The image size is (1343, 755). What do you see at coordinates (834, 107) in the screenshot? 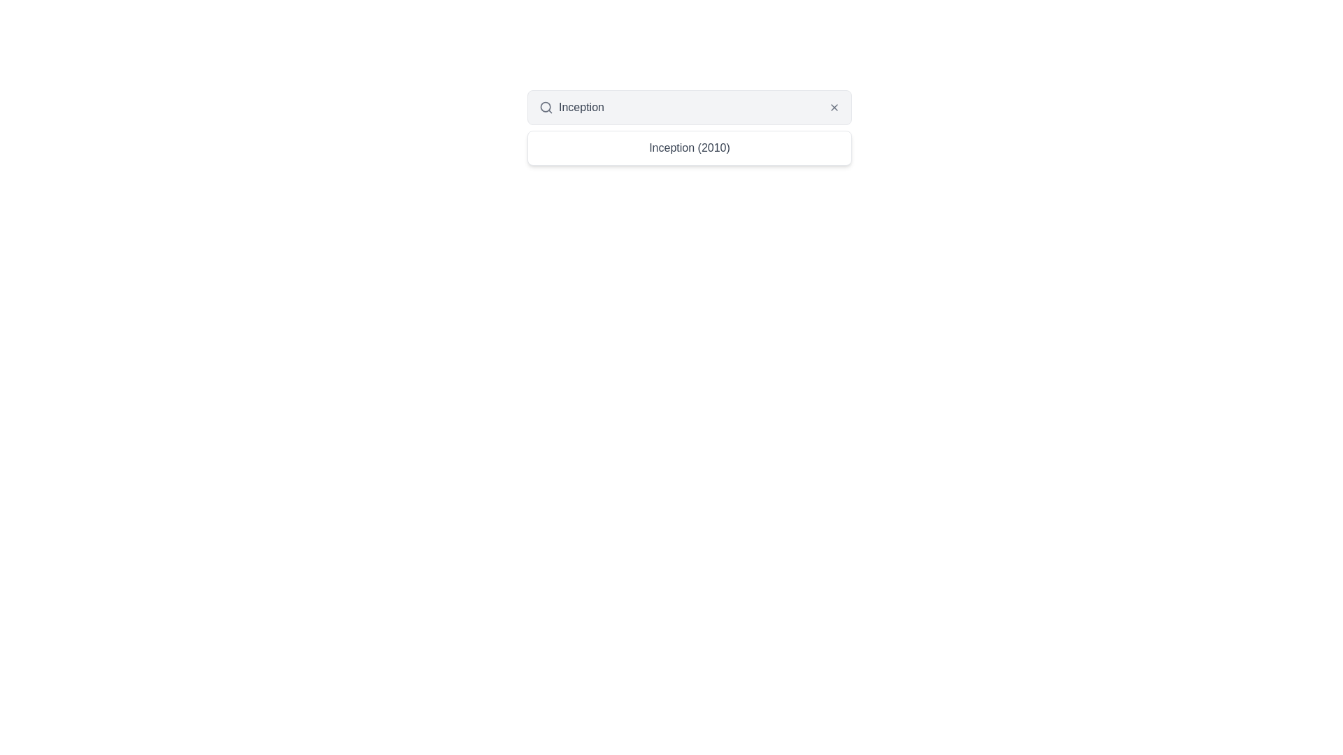
I see `the small gray 'X' icon located at the top right of the search bar to clear the input text 'Inception'` at bounding box center [834, 107].